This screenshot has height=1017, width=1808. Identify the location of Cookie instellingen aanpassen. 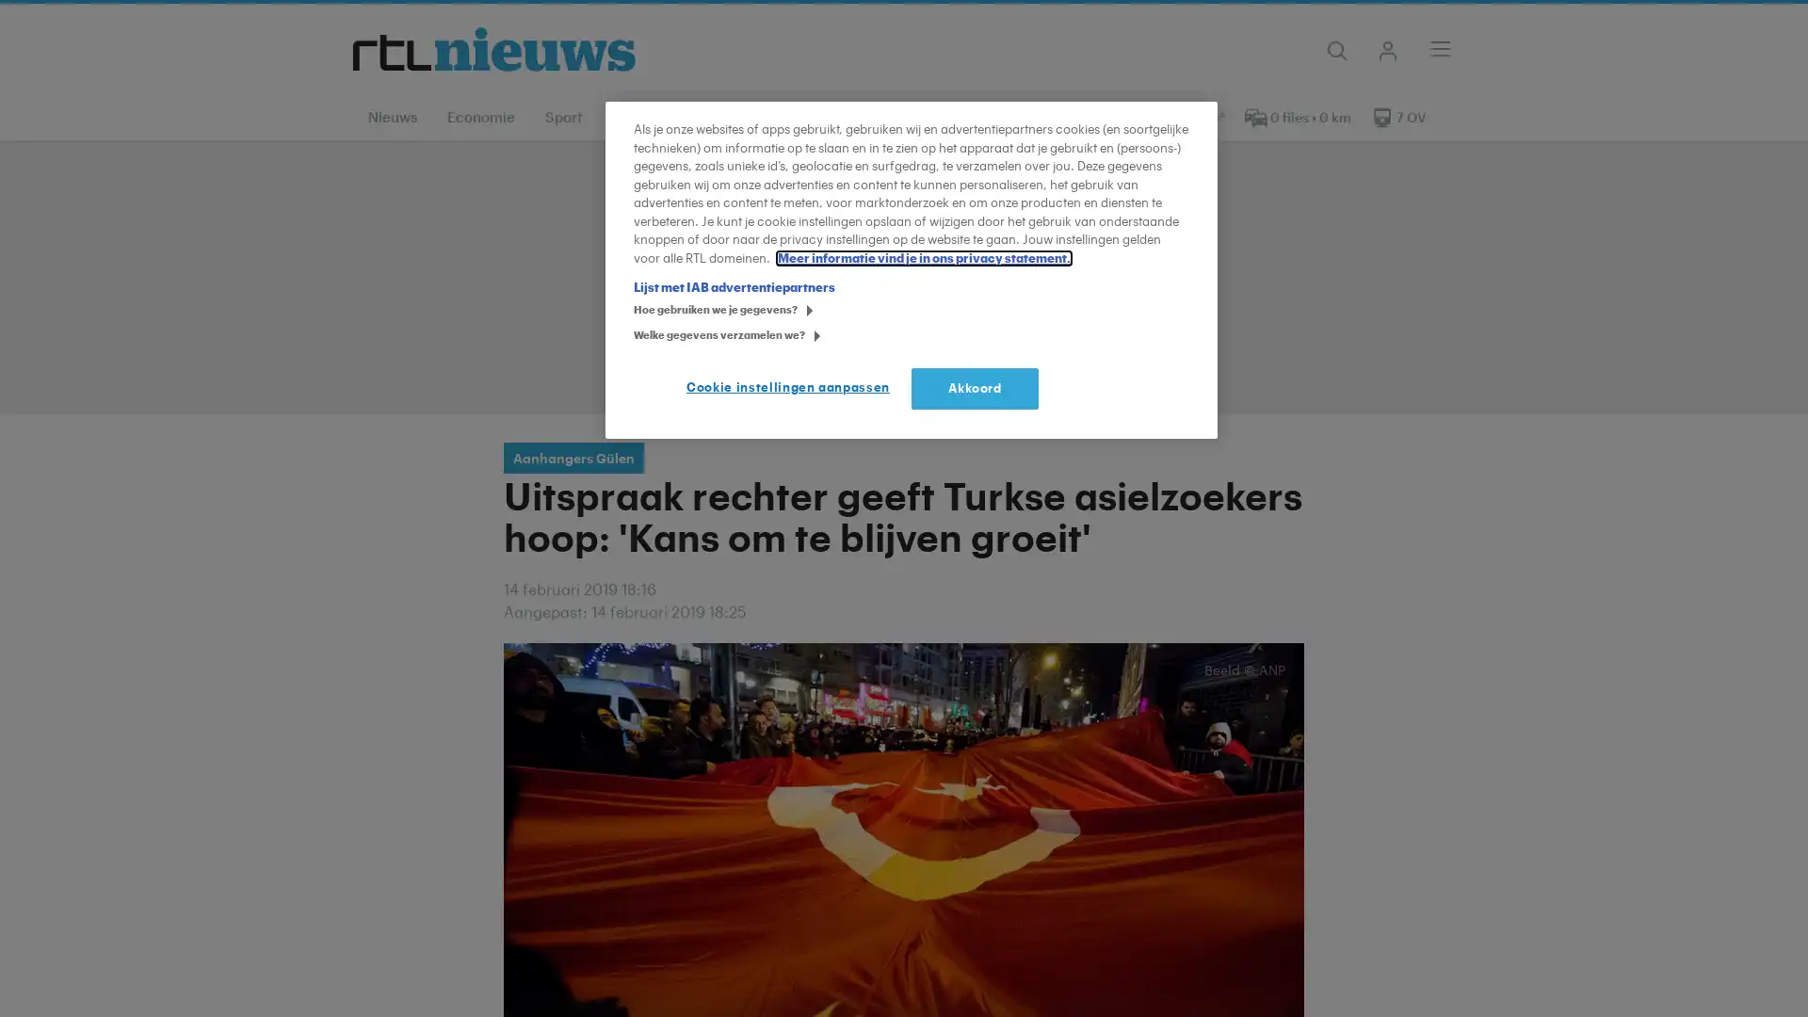
(792, 387).